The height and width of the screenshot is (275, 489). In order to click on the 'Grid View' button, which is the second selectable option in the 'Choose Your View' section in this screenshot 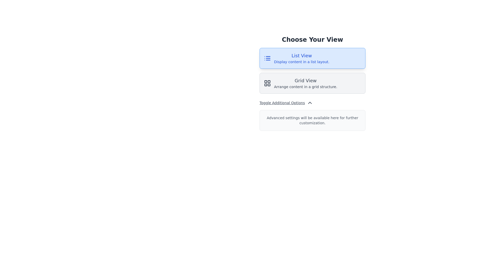, I will do `click(312, 83)`.